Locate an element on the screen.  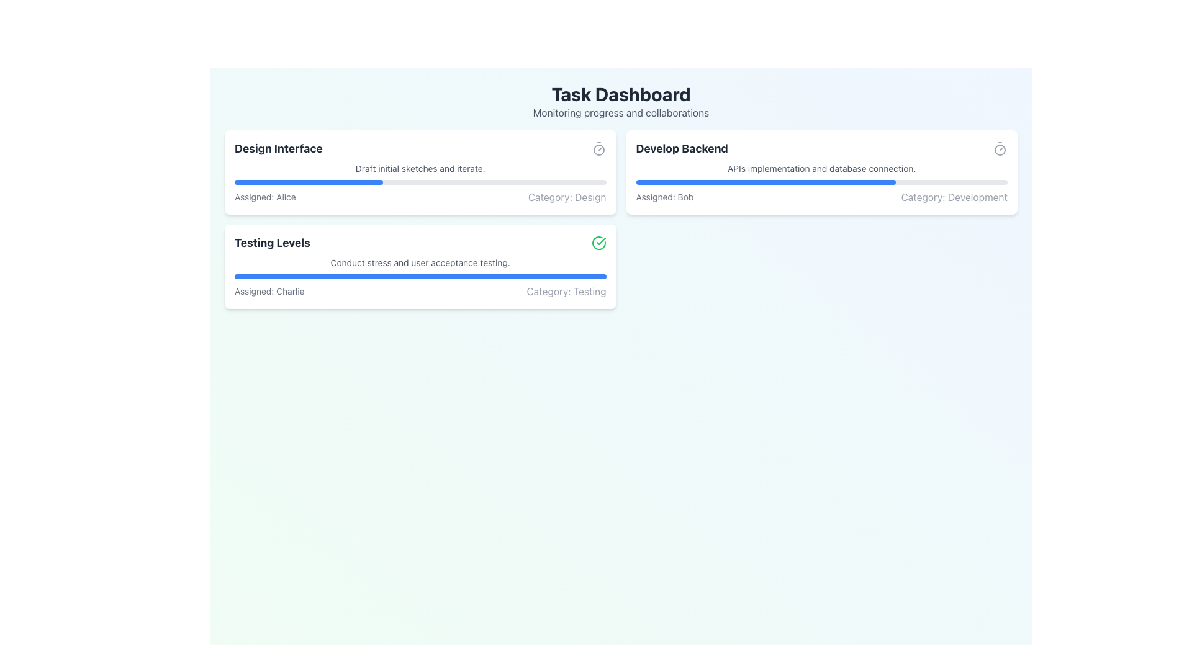
the progress bar value is located at coordinates (775, 182).